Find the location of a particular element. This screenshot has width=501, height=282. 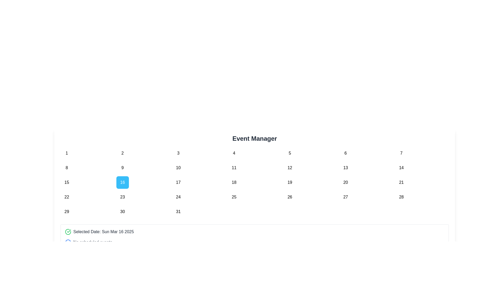

the square-shaped button labeled '7' located in the upper-right corner of the grid layout to interact with it is located at coordinates (401, 153).